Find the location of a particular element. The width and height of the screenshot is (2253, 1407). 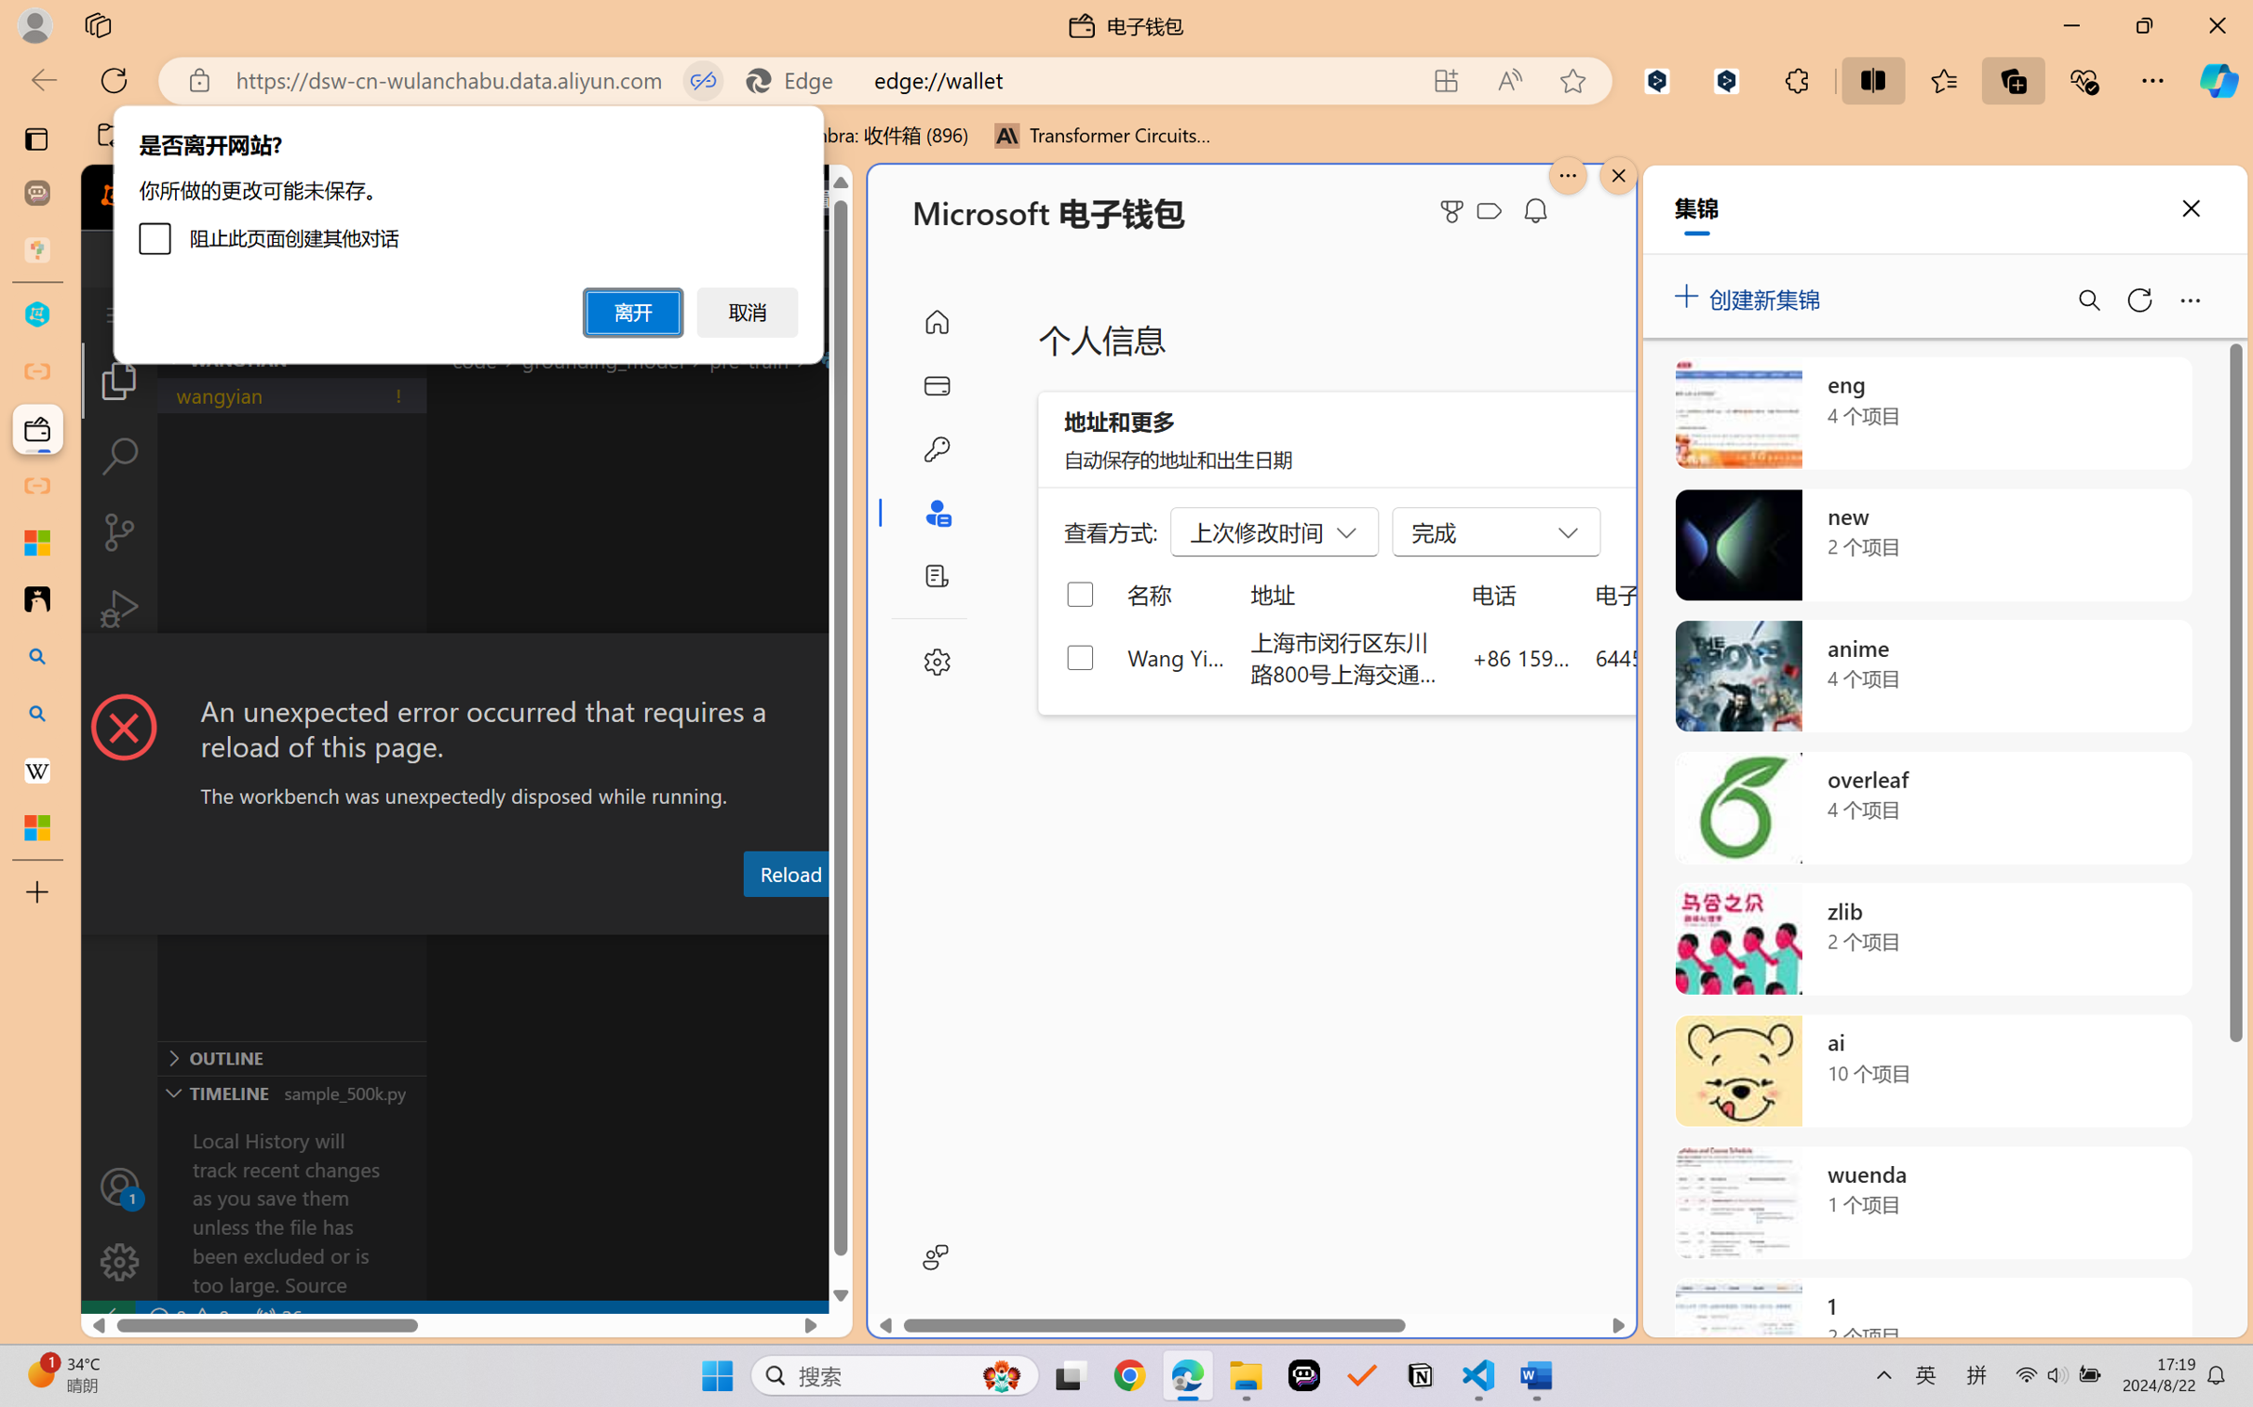

'Copilot (Ctrl+Shift+.)' is located at coordinates (2219, 80).